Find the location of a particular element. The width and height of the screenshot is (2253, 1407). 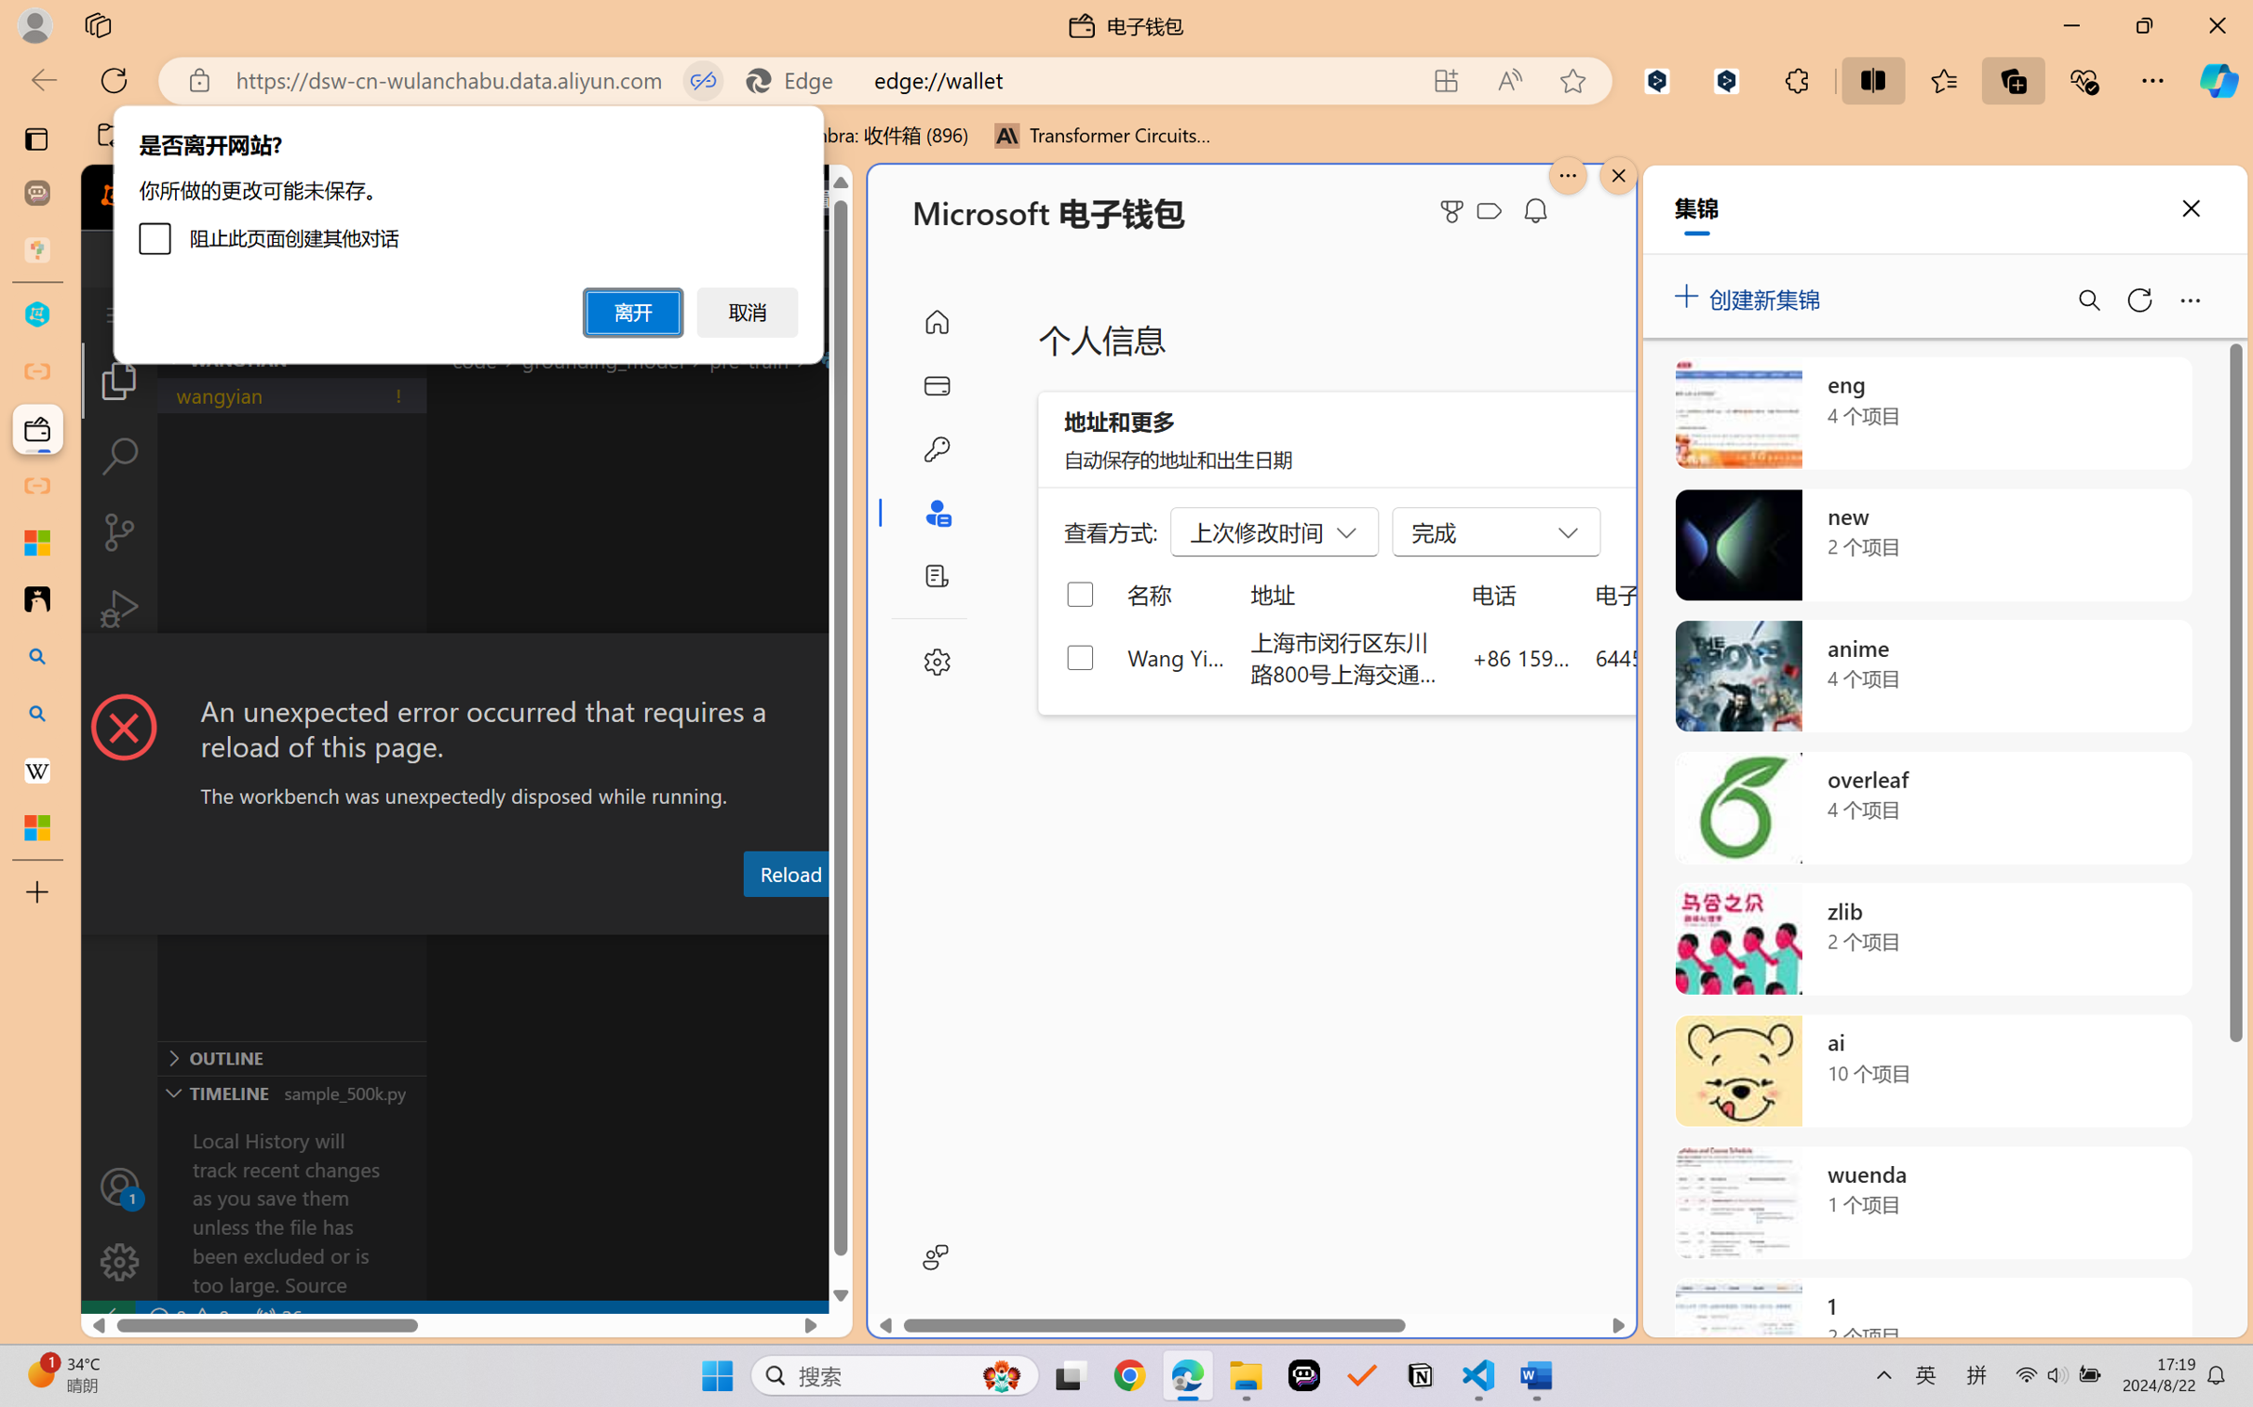

'Copilot (Ctrl+Shift+.)' is located at coordinates (2219, 80).